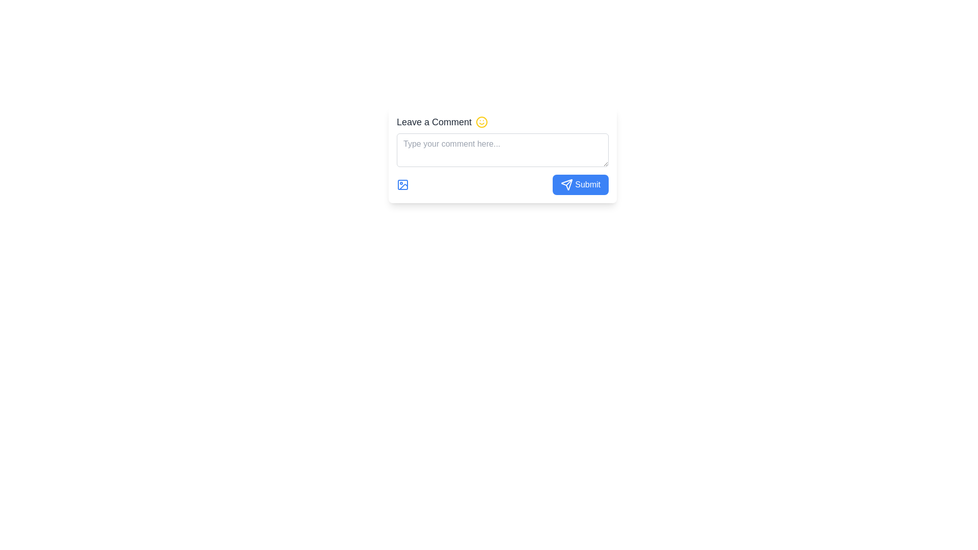 This screenshot has height=550, width=978. I want to click on the central circular part of the smiley face icon located at the top-left corner of the comment input box, so click(481, 121).